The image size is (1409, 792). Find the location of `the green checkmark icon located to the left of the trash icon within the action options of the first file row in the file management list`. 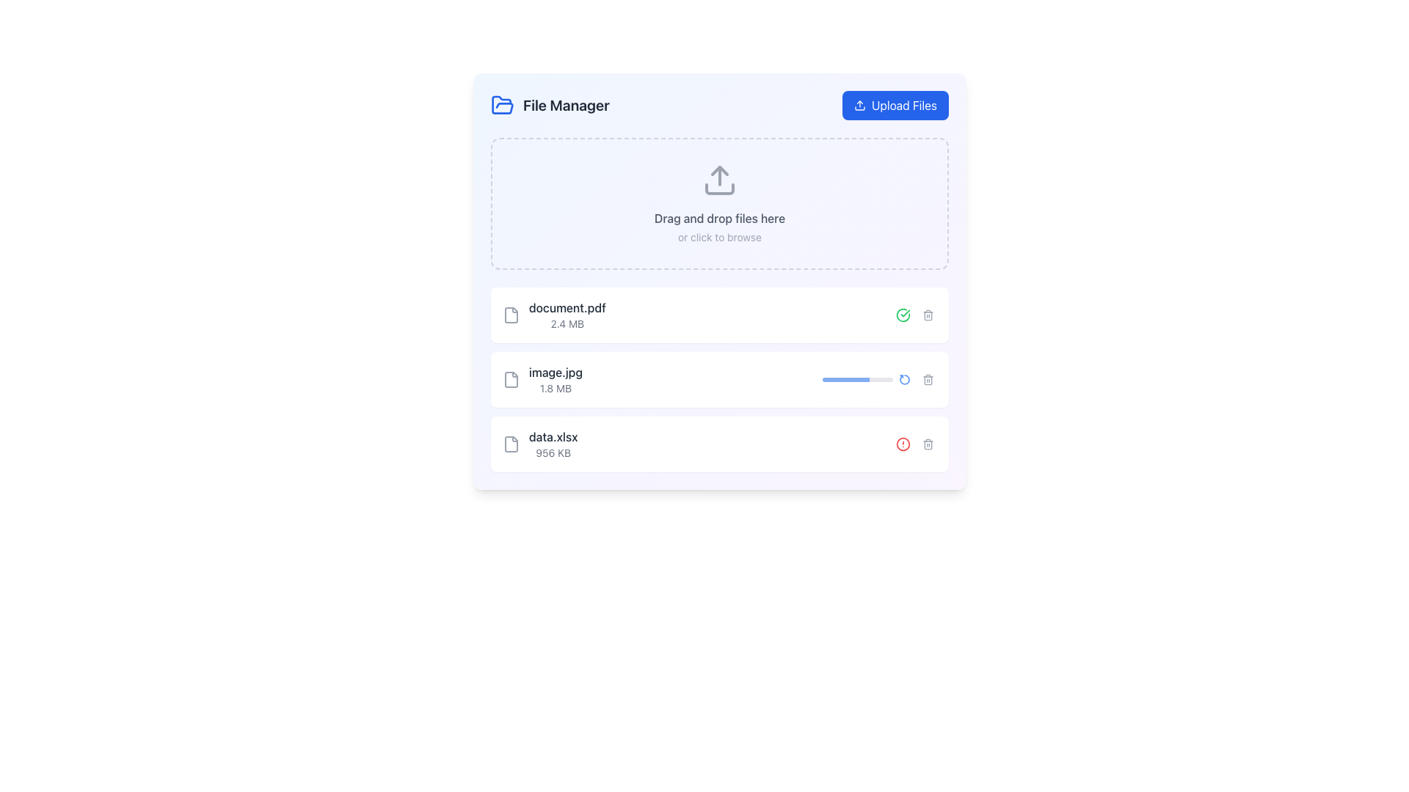

the green checkmark icon located to the left of the trash icon within the action options of the first file row in the file management list is located at coordinates (902, 314).